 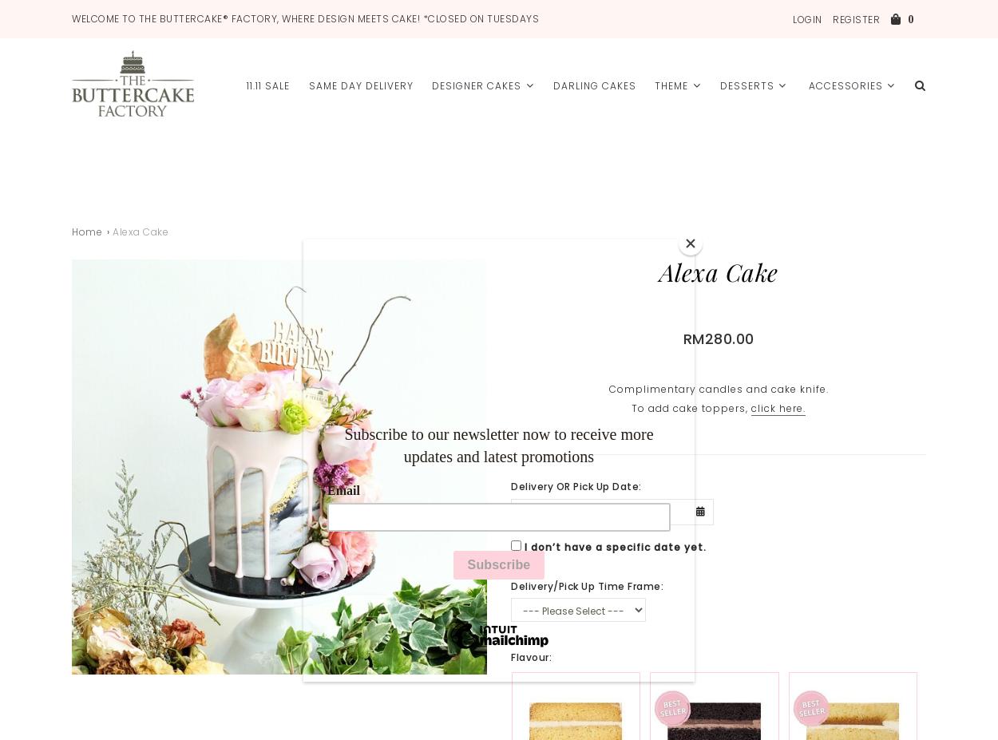 I want to click on 'WELCOME TO THE BUTTERCAKE® FACTORY, WHERE DESIGN MEETS CAKE! *Closed ON TuesdayS', so click(x=305, y=18).